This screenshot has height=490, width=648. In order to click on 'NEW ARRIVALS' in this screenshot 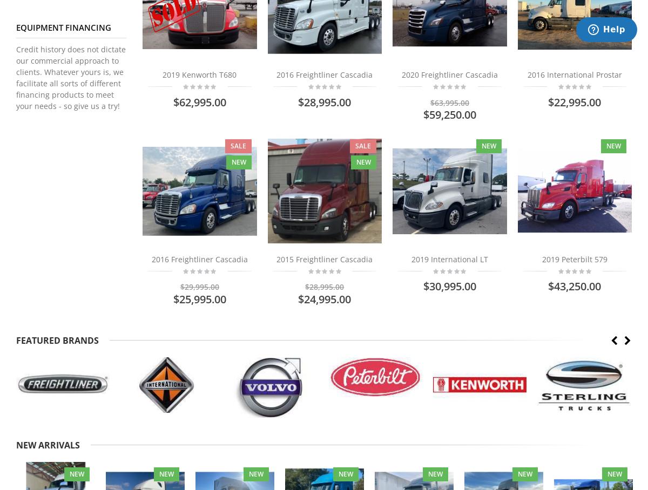, I will do `click(16, 445)`.